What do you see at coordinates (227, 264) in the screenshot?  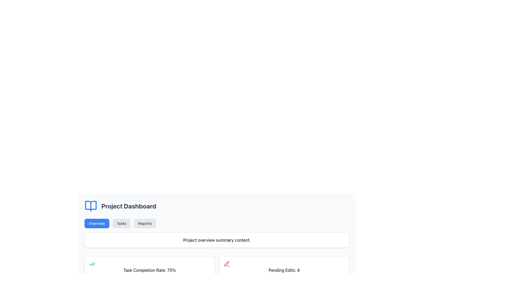 I see `the red pen icon located to the left of the text 'Pending Edits: 4'` at bounding box center [227, 264].